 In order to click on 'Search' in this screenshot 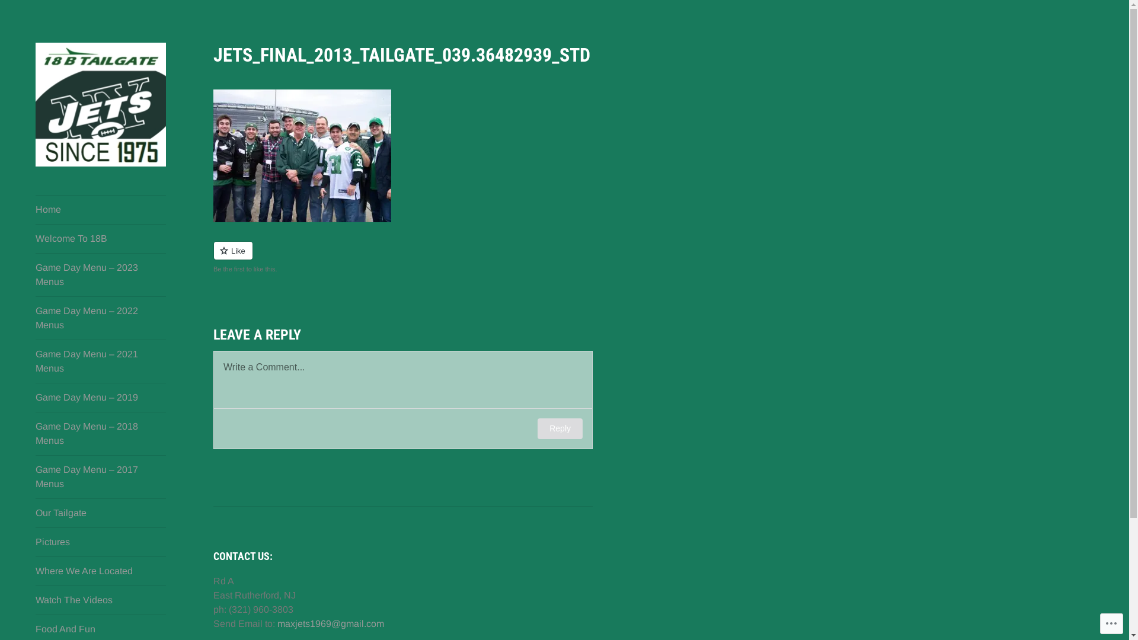, I will do `click(0, 11)`.